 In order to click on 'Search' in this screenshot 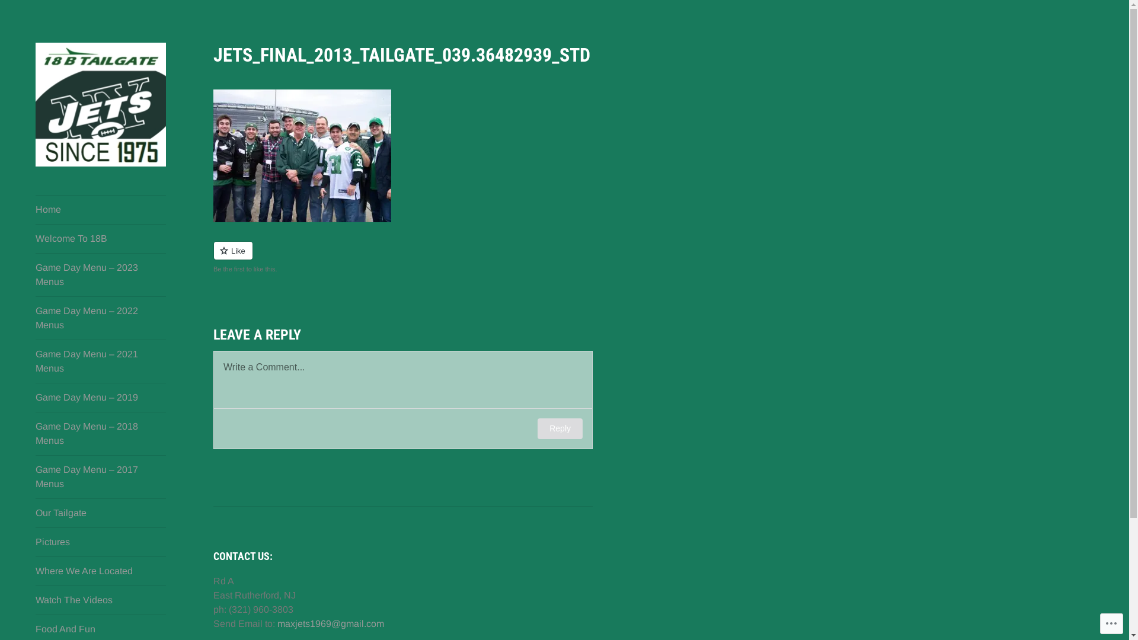, I will do `click(0, 11)`.